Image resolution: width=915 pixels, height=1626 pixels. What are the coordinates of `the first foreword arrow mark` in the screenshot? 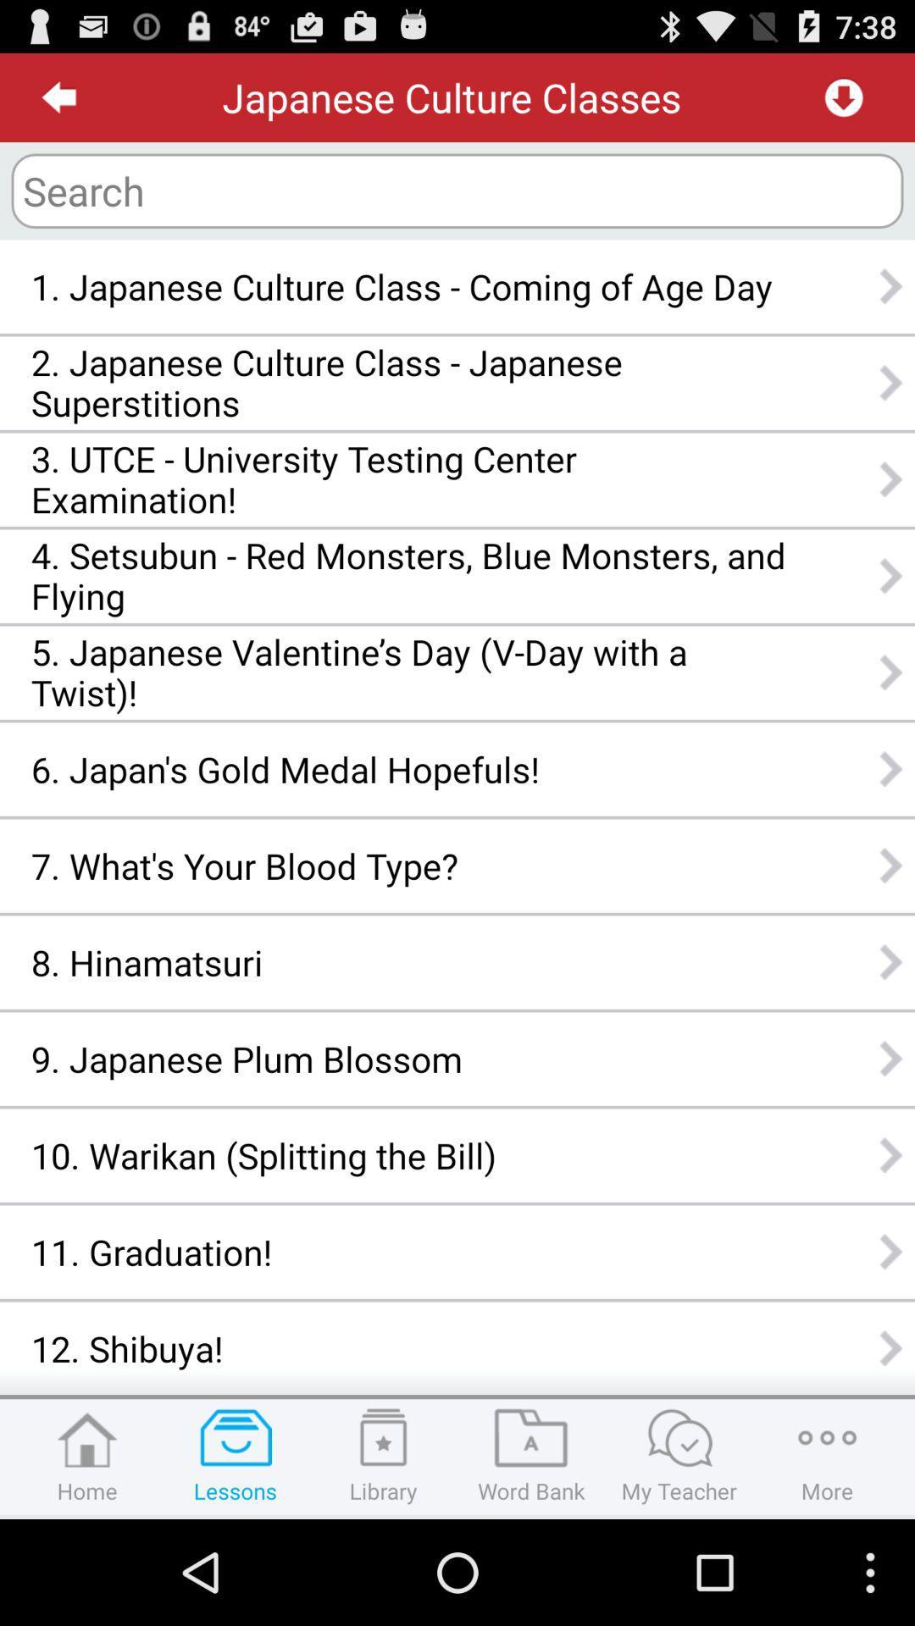 It's located at (891, 285).